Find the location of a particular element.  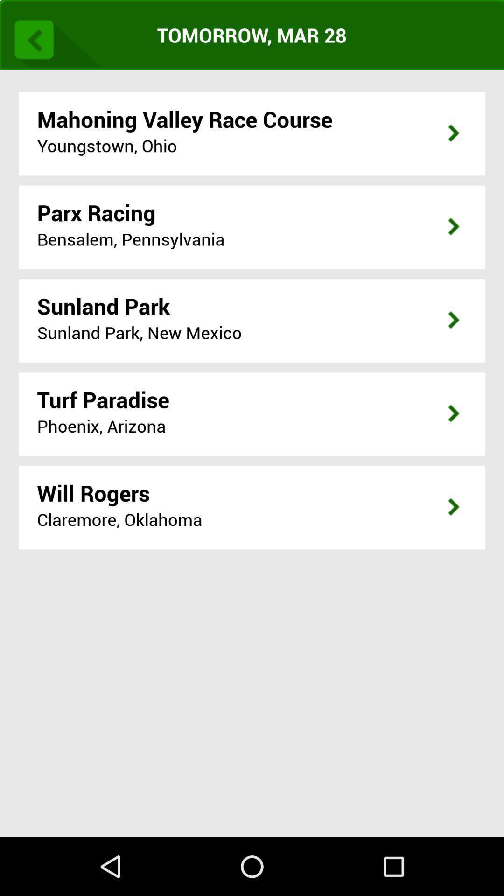

go back is located at coordinates (55, 37).